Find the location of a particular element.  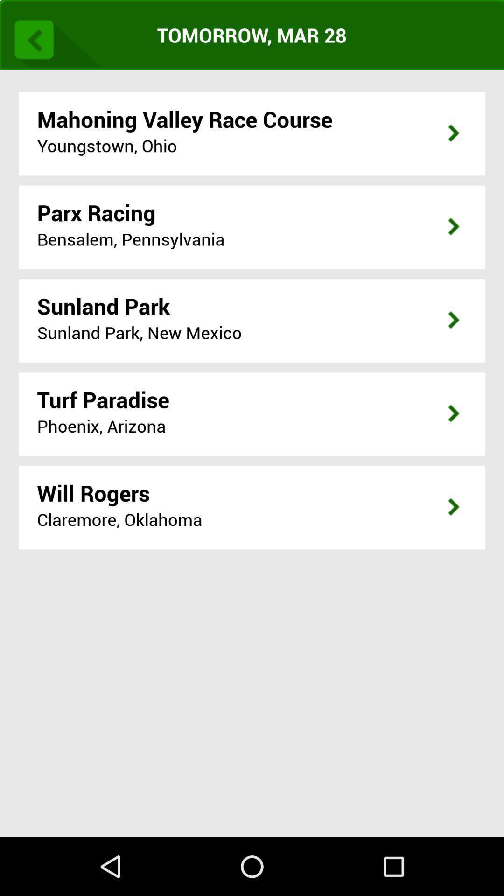

go back is located at coordinates (55, 37).